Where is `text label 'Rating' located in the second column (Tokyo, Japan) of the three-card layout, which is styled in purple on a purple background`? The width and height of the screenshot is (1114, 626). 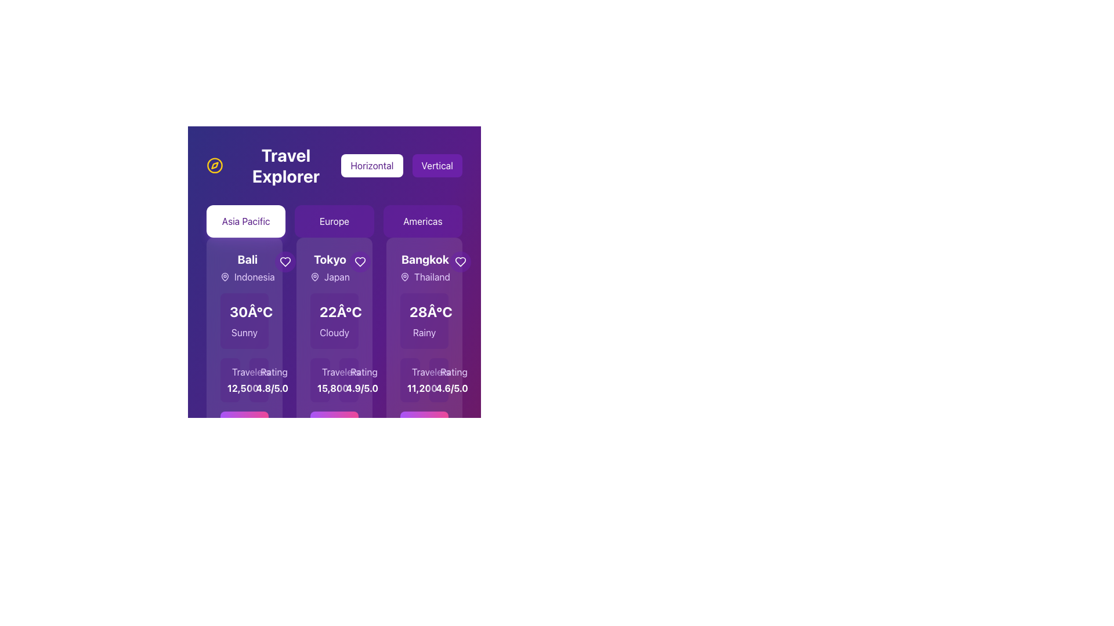 text label 'Rating' located in the second column (Tokyo, Japan) of the three-card layout, which is styled in purple on a purple background is located at coordinates (273, 372).